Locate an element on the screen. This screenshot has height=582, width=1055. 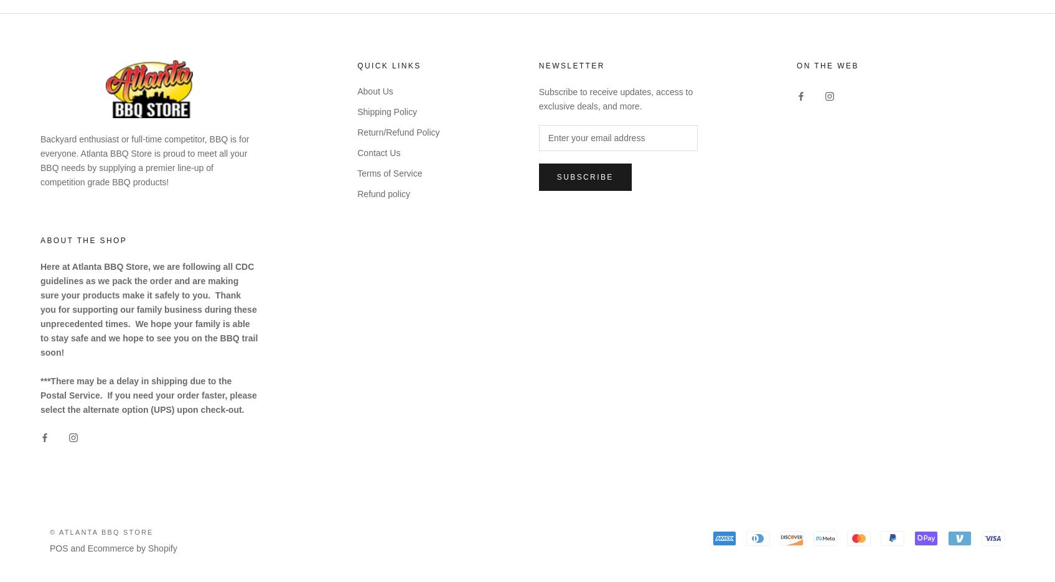
'Refund policy' is located at coordinates (383, 193).